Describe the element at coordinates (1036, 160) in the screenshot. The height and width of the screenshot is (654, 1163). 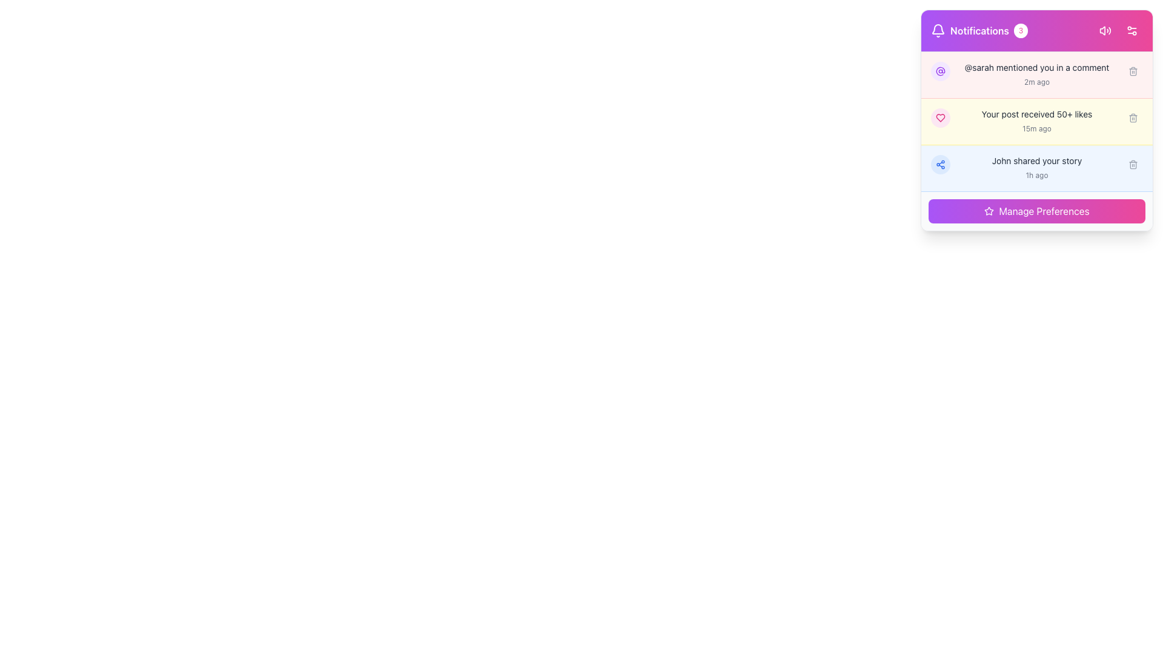
I see `the text element that informs the user about John sharing their story, which is part of a notification in a sidebar notification panel` at that location.